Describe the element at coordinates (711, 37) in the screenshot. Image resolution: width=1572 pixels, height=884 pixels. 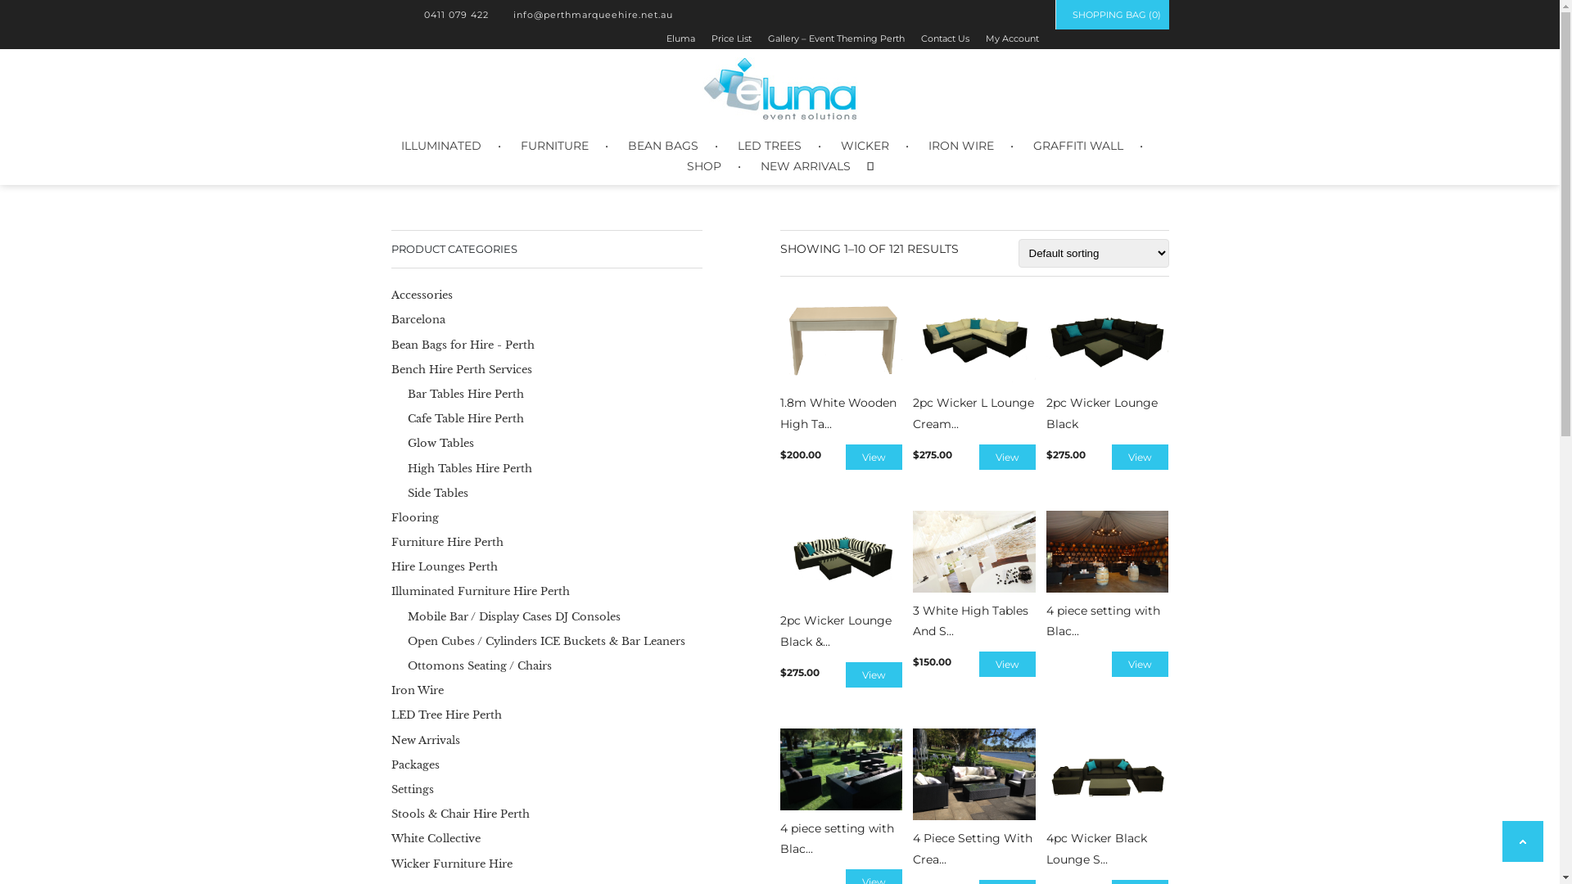
I see `'Price List'` at that location.